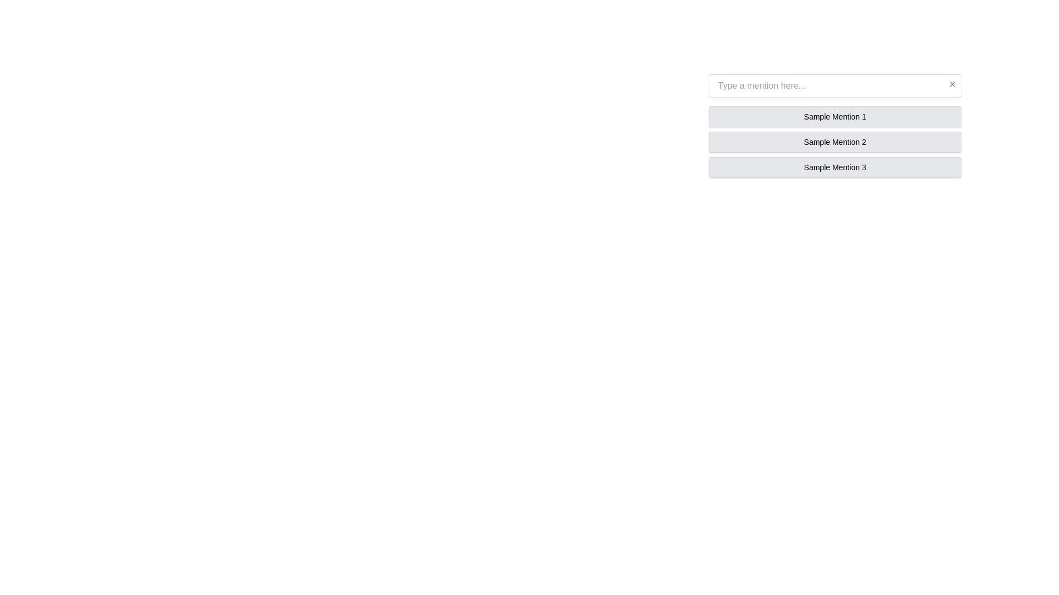  What do you see at coordinates (835, 167) in the screenshot?
I see `the button-like list item labeled 'Sample Mention 3'` at bounding box center [835, 167].